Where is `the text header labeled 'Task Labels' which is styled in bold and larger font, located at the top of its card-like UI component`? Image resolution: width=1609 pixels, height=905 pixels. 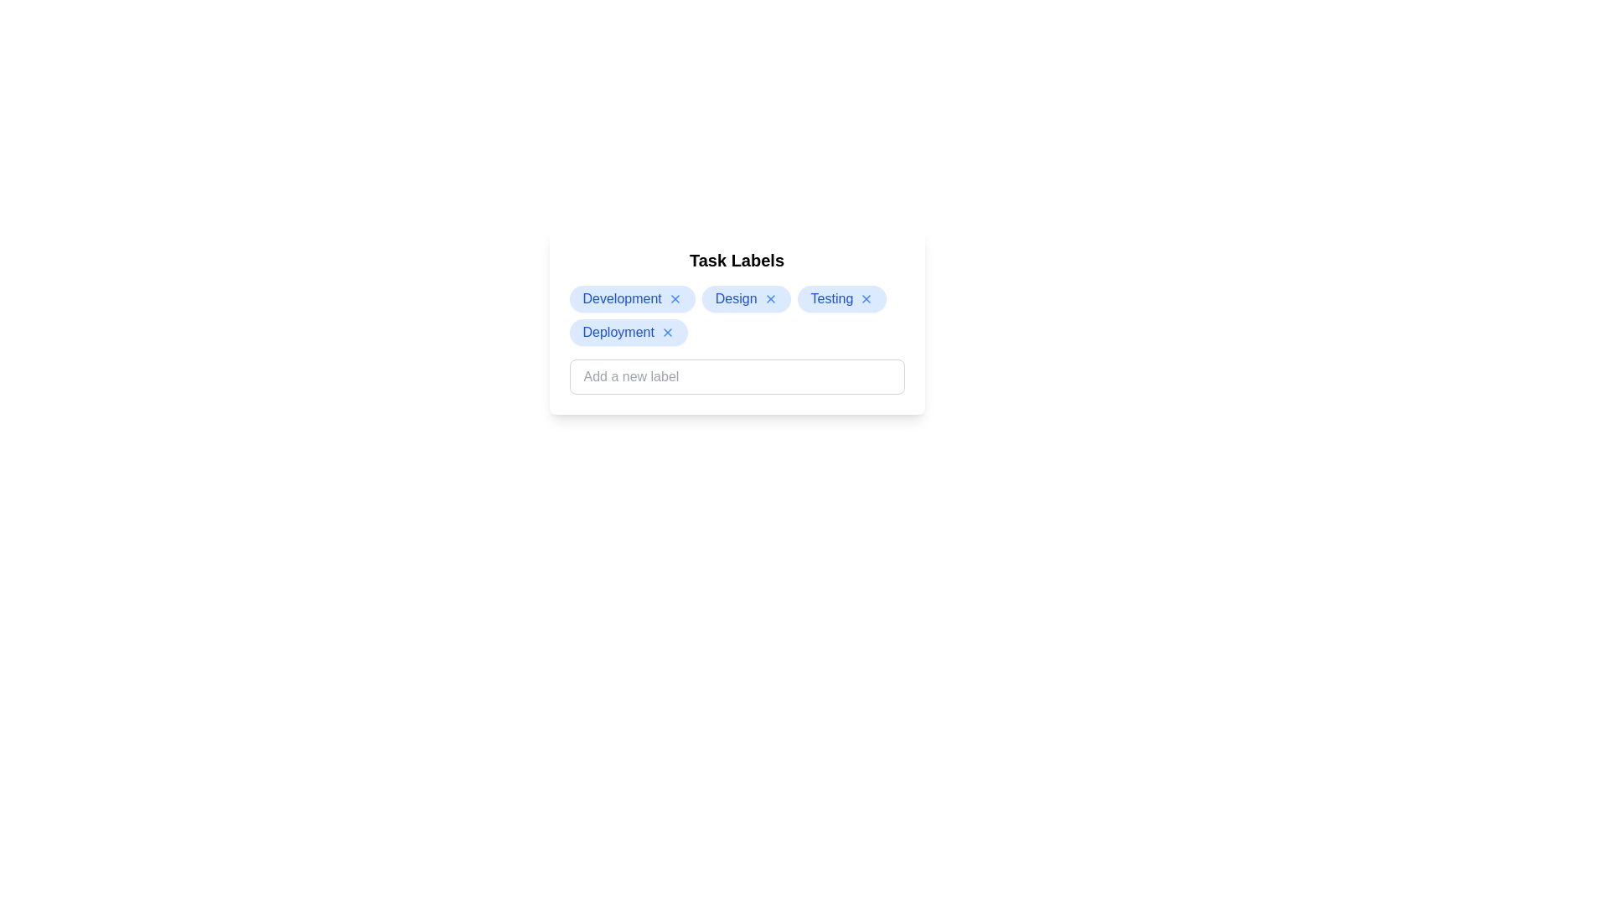
the text header labeled 'Task Labels' which is styled in bold and larger font, located at the top of its card-like UI component is located at coordinates (737, 261).